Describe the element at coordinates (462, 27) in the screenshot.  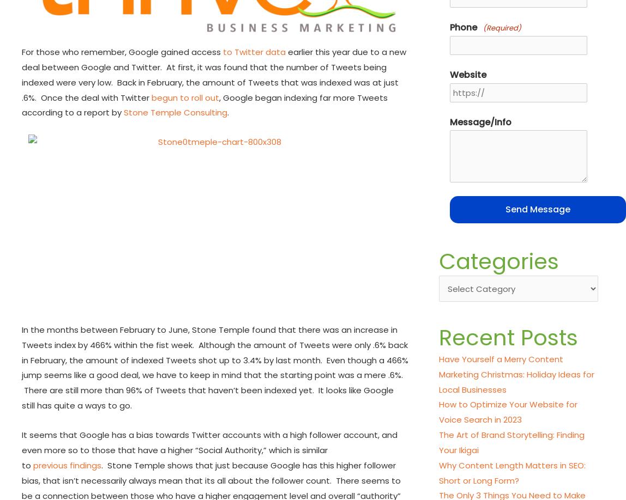
I see `'Phone'` at that location.